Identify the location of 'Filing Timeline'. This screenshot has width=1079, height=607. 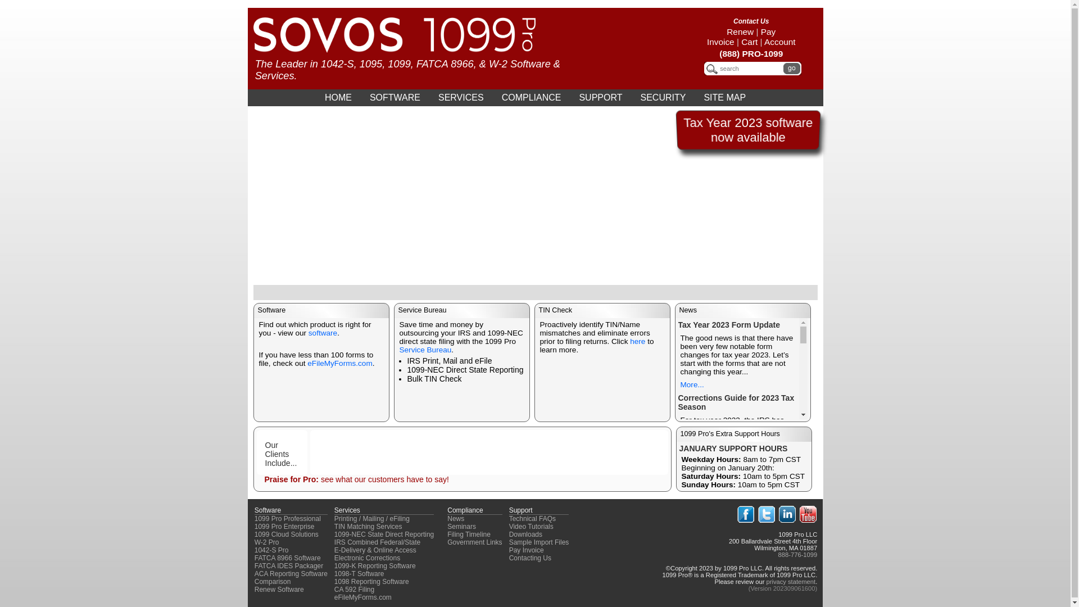
(469, 534).